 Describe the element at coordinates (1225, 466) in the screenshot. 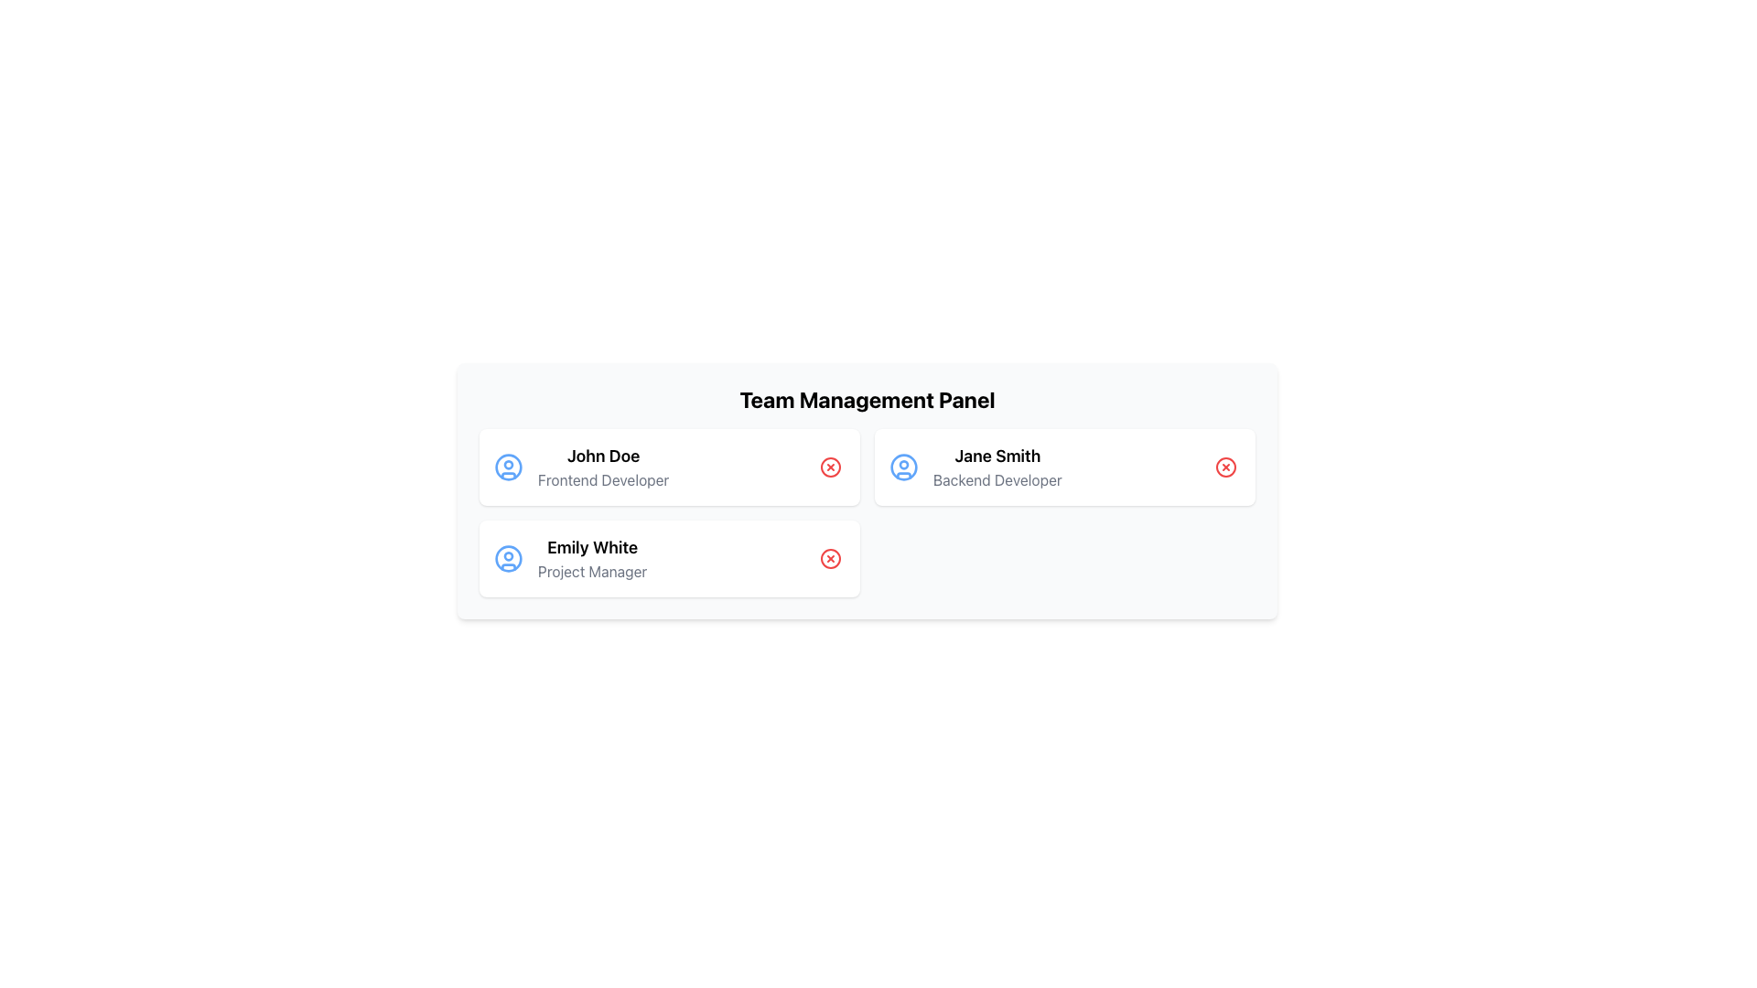

I see `the prominent red circular button with a cross icon to change its background color` at that location.